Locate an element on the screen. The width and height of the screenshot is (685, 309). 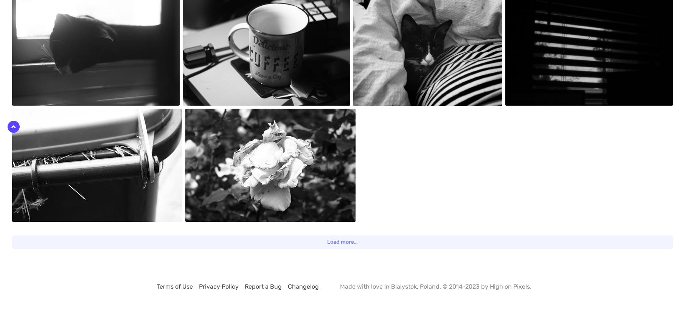
'.' is located at coordinates (529, 286).